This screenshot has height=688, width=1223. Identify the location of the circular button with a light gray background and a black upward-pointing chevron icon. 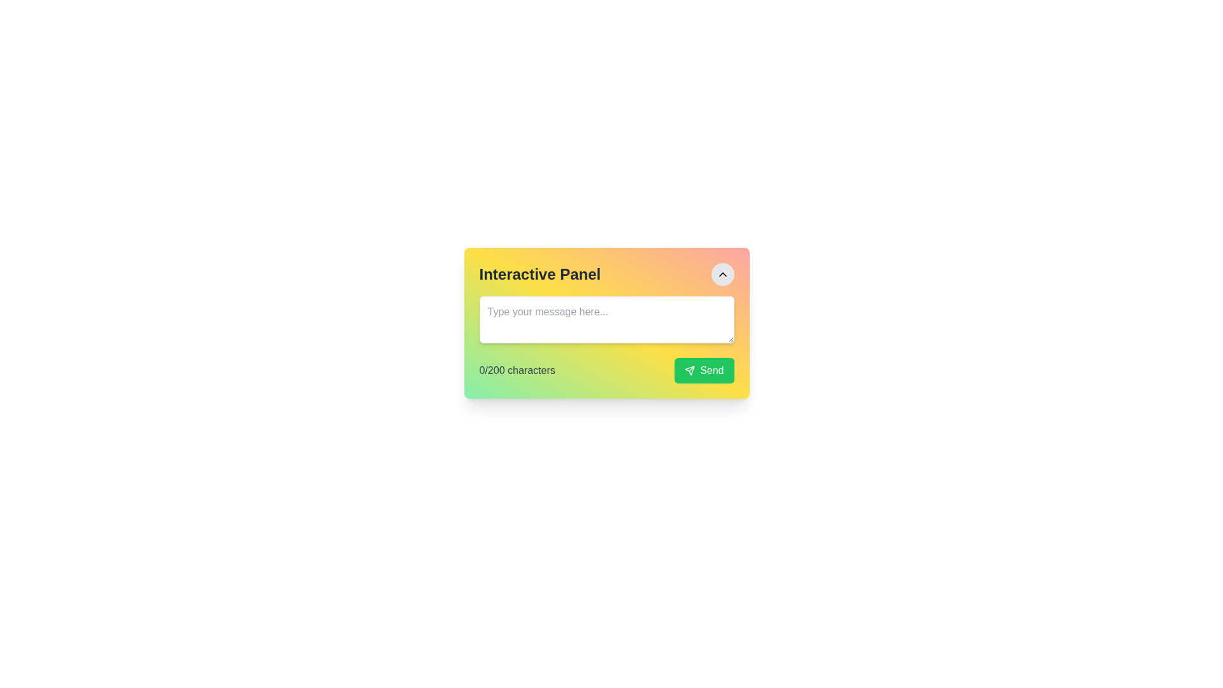
(722, 274).